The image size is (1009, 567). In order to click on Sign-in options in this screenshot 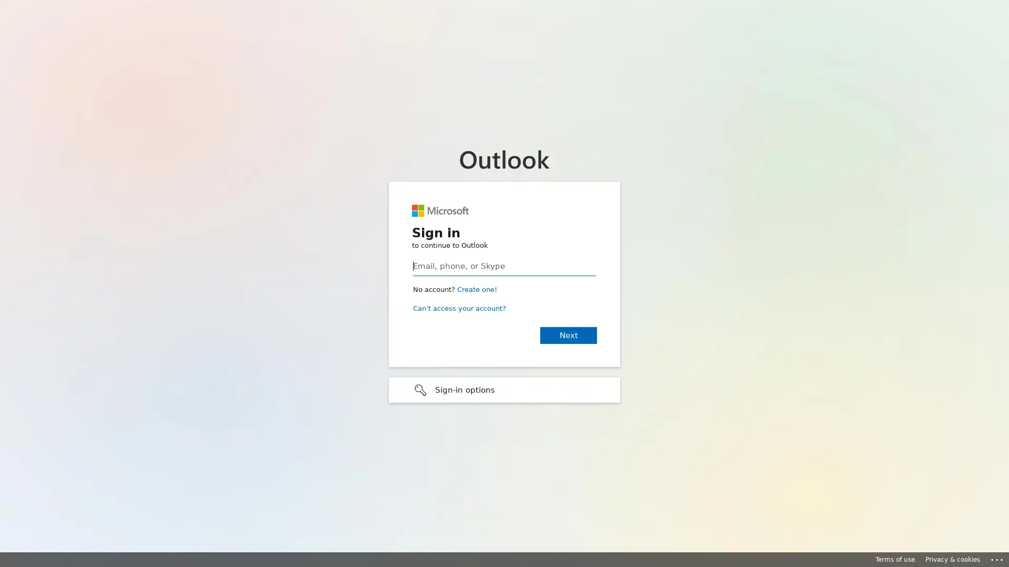, I will do `click(504, 389)`.